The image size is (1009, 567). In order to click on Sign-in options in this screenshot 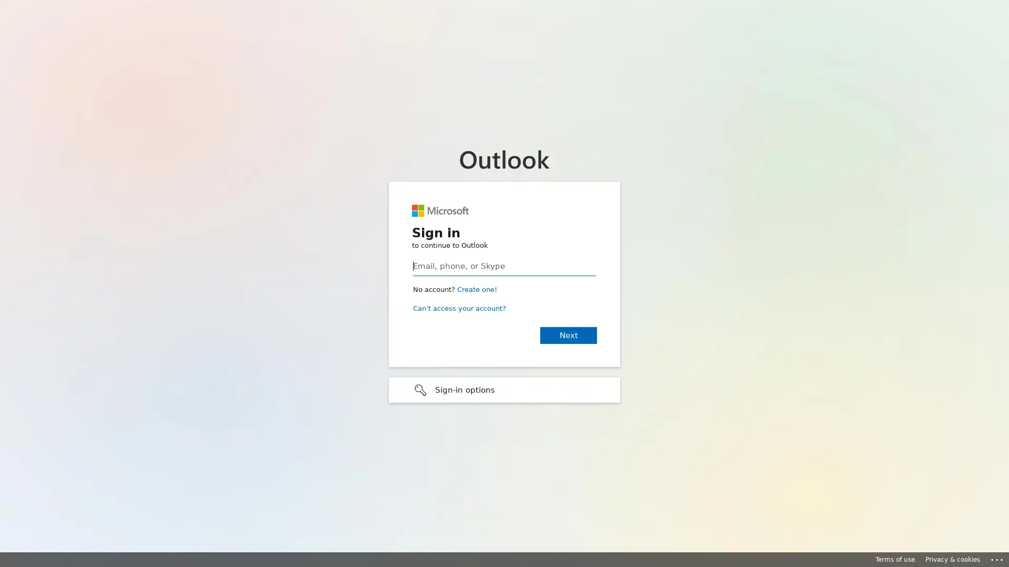, I will do `click(504, 389)`.